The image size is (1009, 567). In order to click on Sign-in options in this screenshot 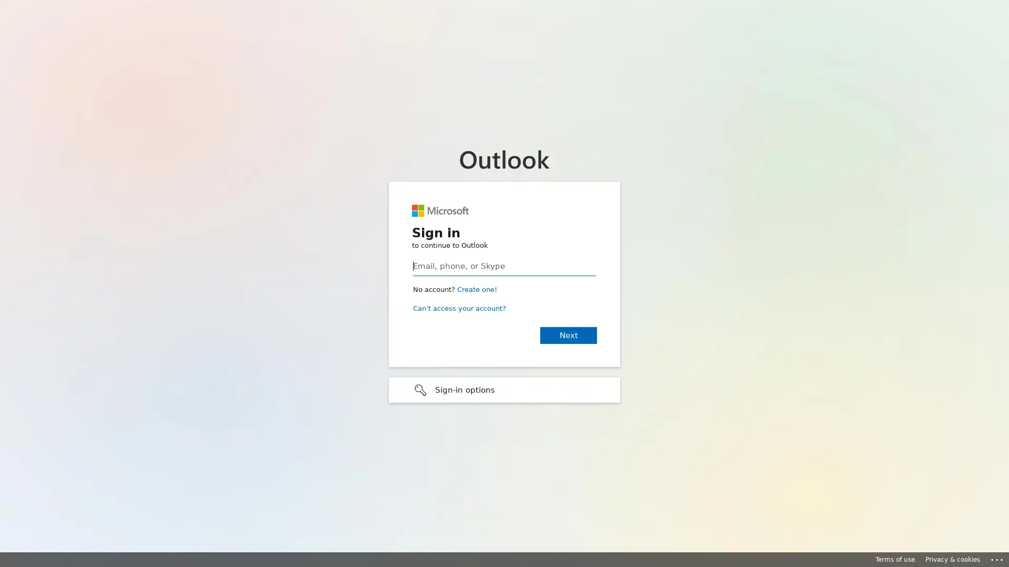, I will do `click(504, 389)`.